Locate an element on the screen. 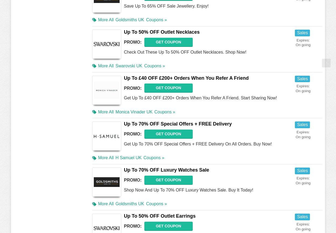 The width and height of the screenshot is (336, 233). 'Save Up To 65% OFF Sale Jewellery. Enjoy!' is located at coordinates (166, 6).